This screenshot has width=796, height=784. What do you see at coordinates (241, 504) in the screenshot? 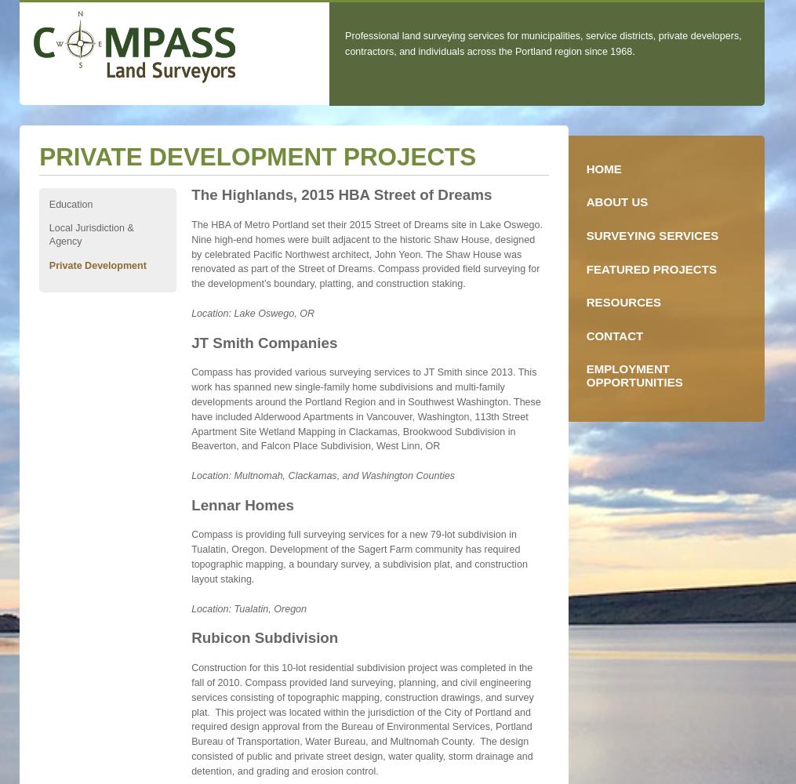
I see `'Lennar Homes'` at bounding box center [241, 504].